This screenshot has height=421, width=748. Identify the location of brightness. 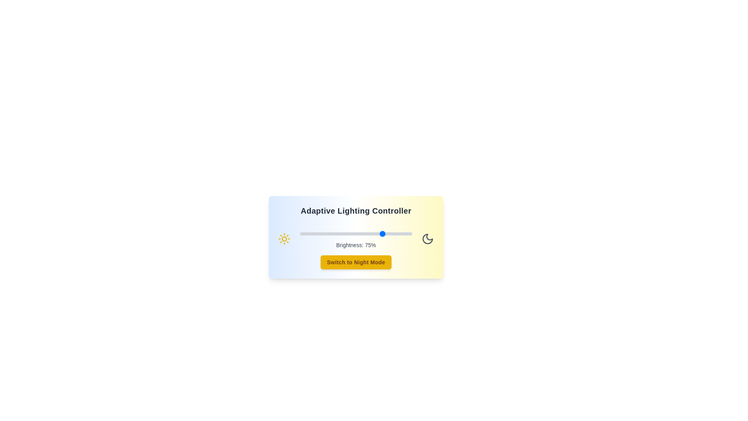
(313, 233).